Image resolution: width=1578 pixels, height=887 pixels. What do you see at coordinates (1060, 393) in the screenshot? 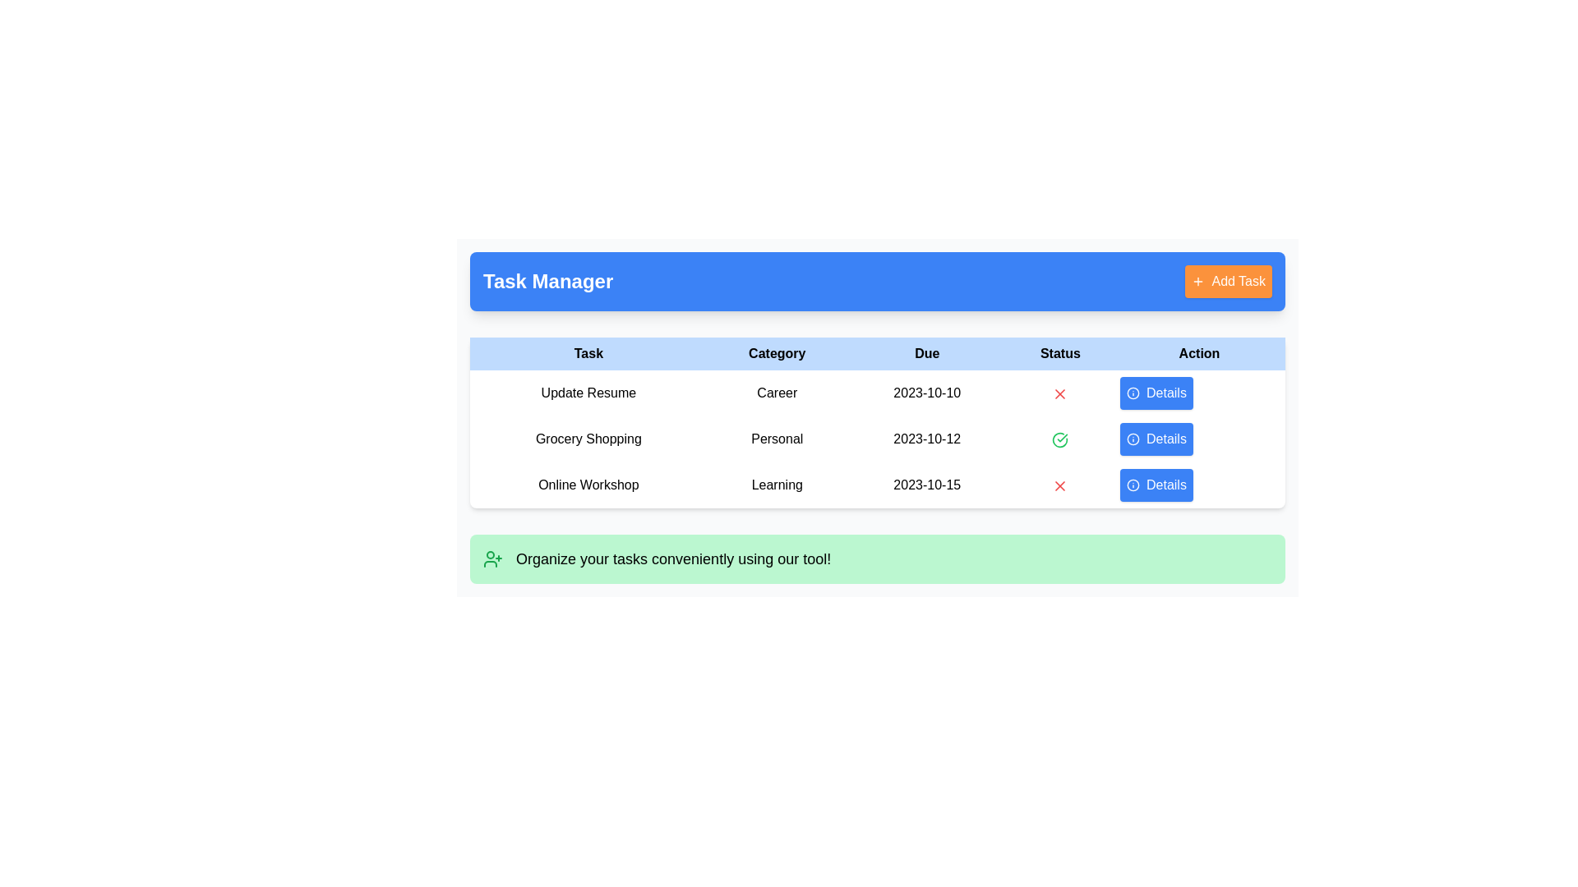
I see `the red 'X' icon located in the 'Status' column of the third row in the task table, which indicates an issue or failed state` at bounding box center [1060, 393].